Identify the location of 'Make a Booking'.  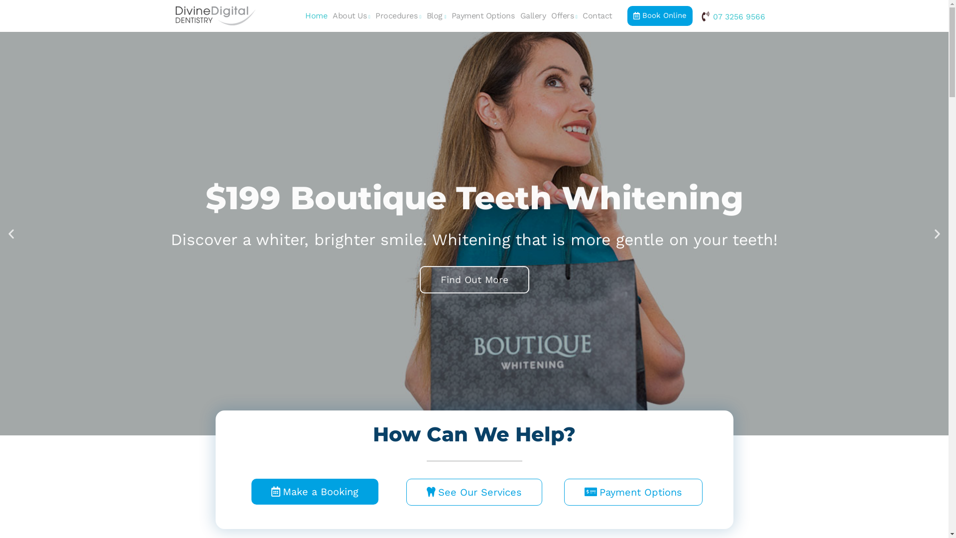
(314, 491).